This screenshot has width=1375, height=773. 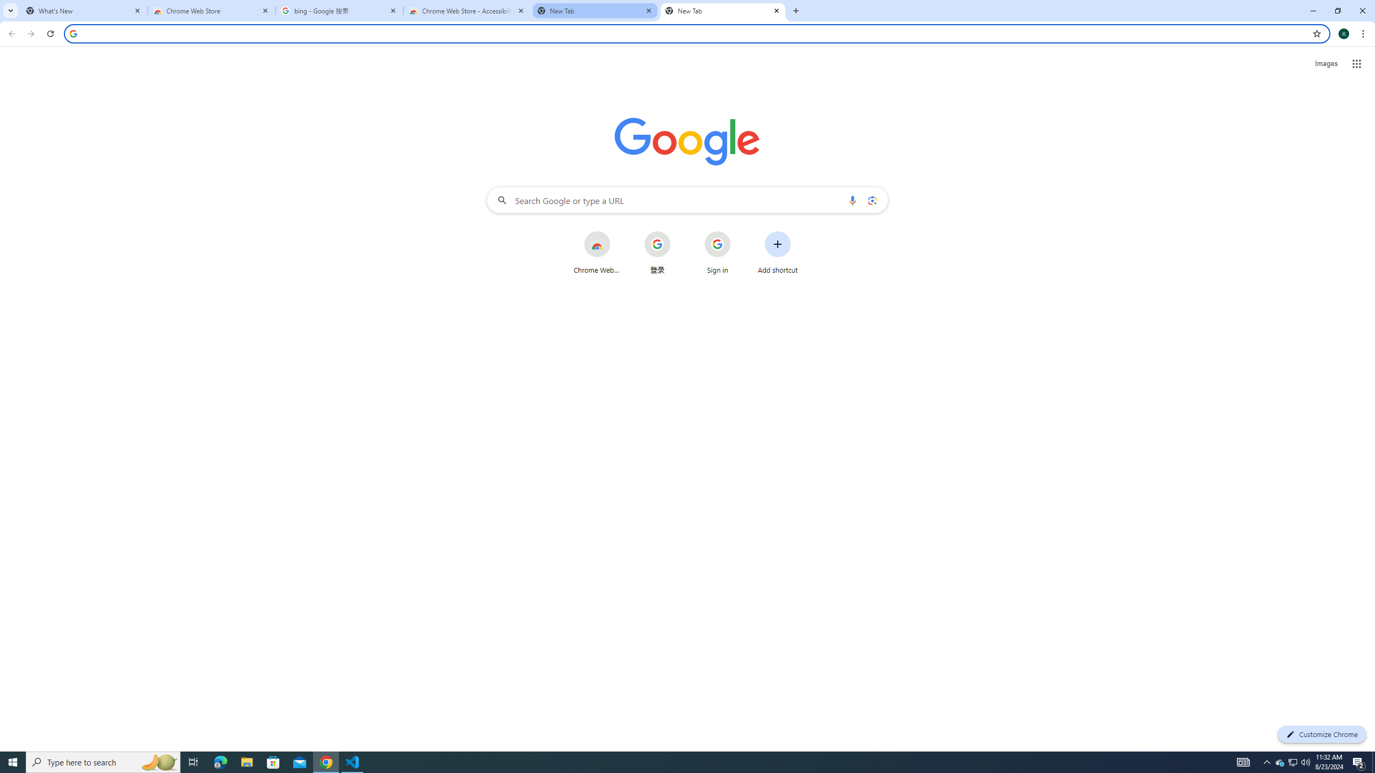 What do you see at coordinates (467, 10) in the screenshot?
I see `'Chrome Web Store - Accessibility'` at bounding box center [467, 10].